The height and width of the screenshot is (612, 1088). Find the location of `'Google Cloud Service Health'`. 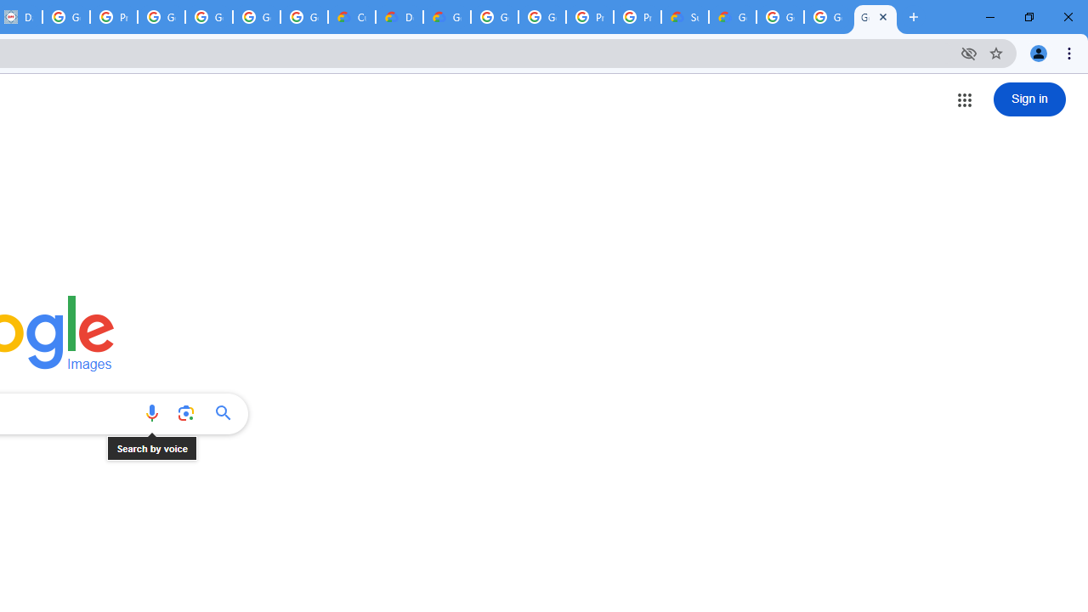

'Google Cloud Service Health' is located at coordinates (733, 17).